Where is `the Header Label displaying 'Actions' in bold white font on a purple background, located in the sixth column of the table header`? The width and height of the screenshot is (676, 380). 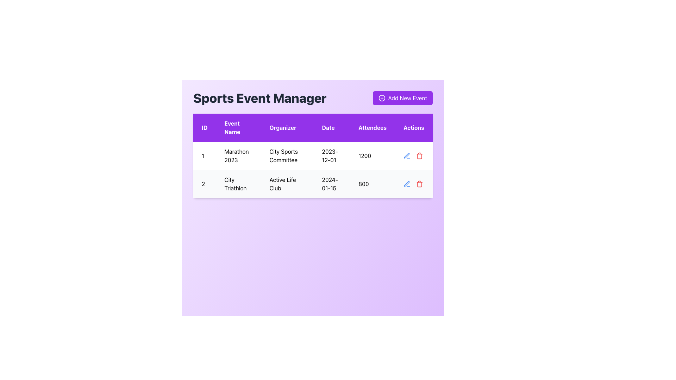
the Header Label displaying 'Actions' in bold white font on a purple background, located in the sixth column of the table header is located at coordinates (414, 127).